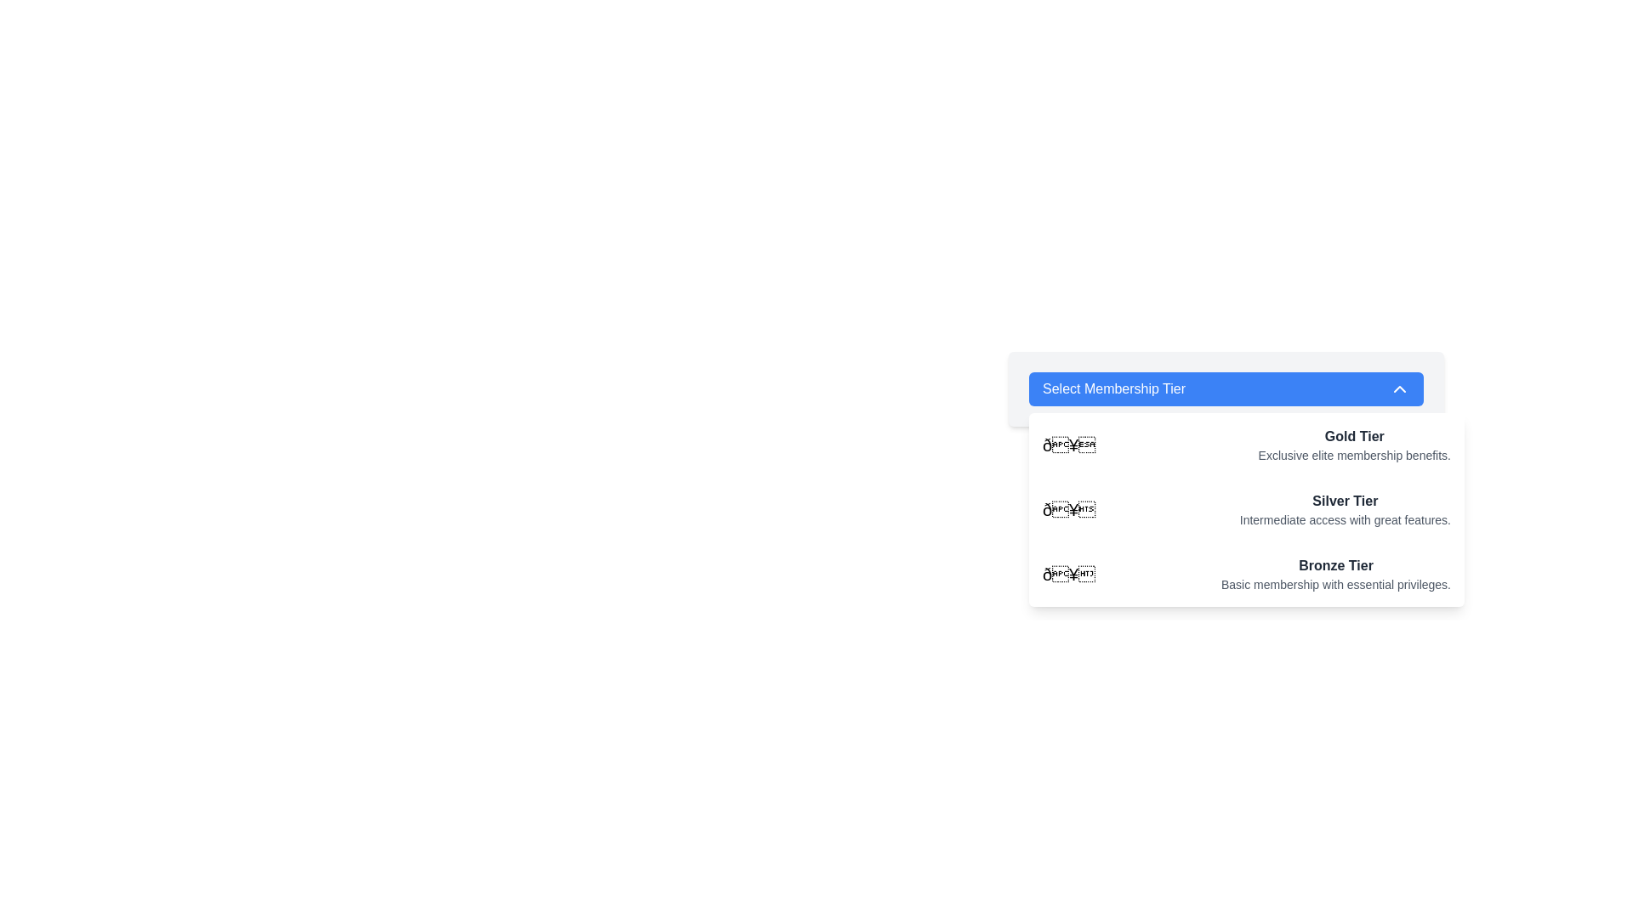  Describe the element at coordinates (1114, 389) in the screenshot. I see `the Text label that serves as a heading for the dropdown menu, positioned within a blue bar near the top, aligned centrally with respect to the dropdown bar, and to the left of a chevron icon` at that location.